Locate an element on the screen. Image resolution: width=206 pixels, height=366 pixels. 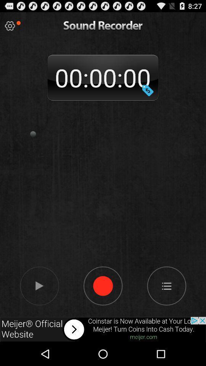
stop recording is located at coordinates (103, 285).